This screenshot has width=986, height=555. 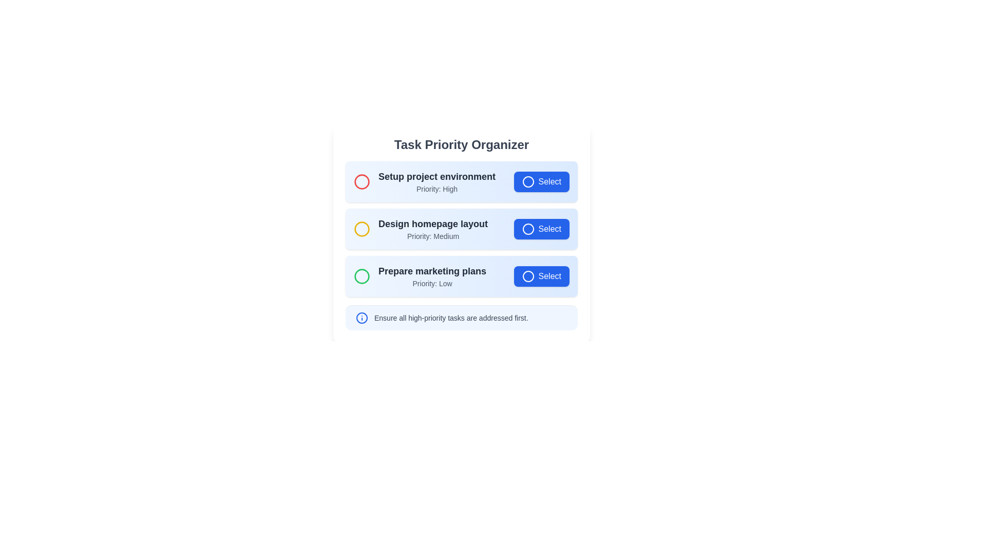 What do you see at coordinates (433, 236) in the screenshot?
I see `the text label that indicates the priority level of the associated task, located underneath the 'Design homepage layout' element in the task list` at bounding box center [433, 236].